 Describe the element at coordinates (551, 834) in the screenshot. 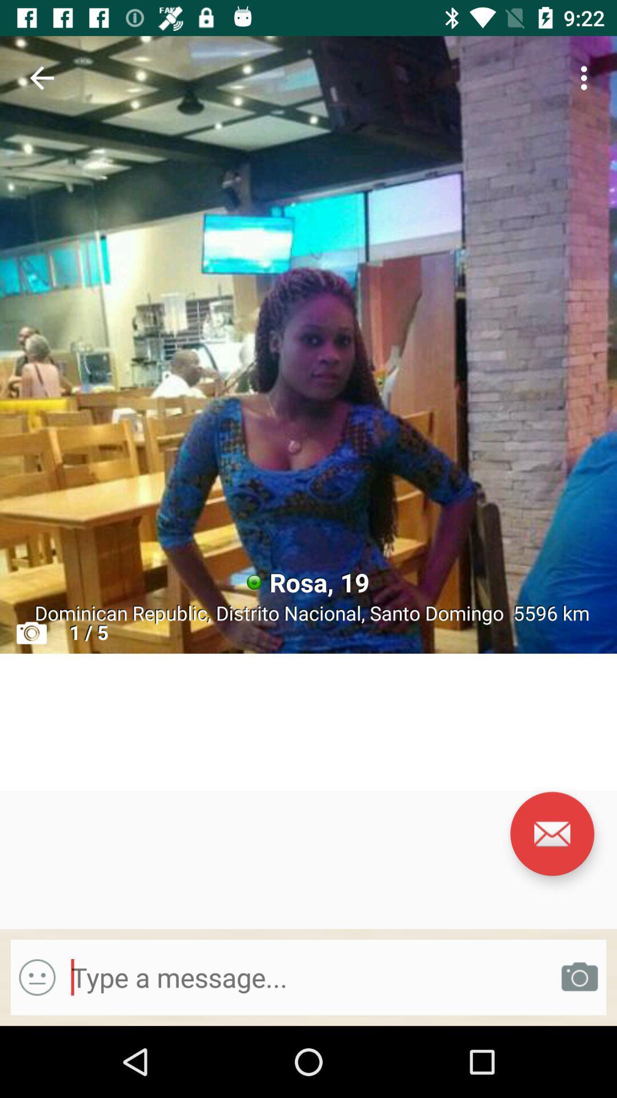

I see `the email icon` at that location.